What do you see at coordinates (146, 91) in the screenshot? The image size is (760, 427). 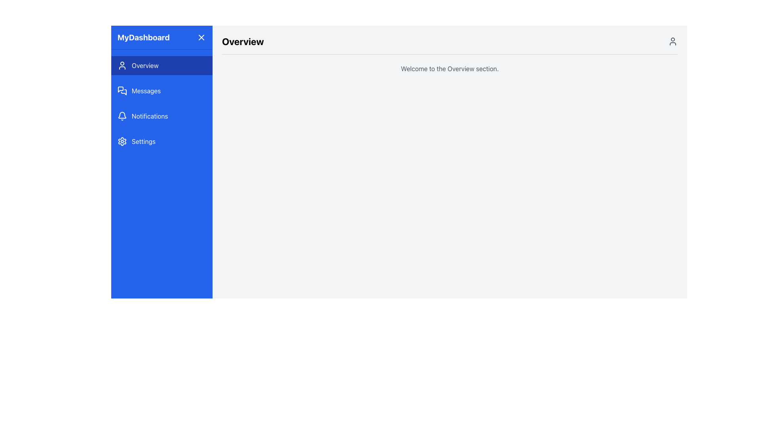 I see `the 'Messages' text label in the sidebar navigation menu, which is displayed in white font against a blue background and is located between 'Overview' and 'Notifications'` at bounding box center [146, 91].